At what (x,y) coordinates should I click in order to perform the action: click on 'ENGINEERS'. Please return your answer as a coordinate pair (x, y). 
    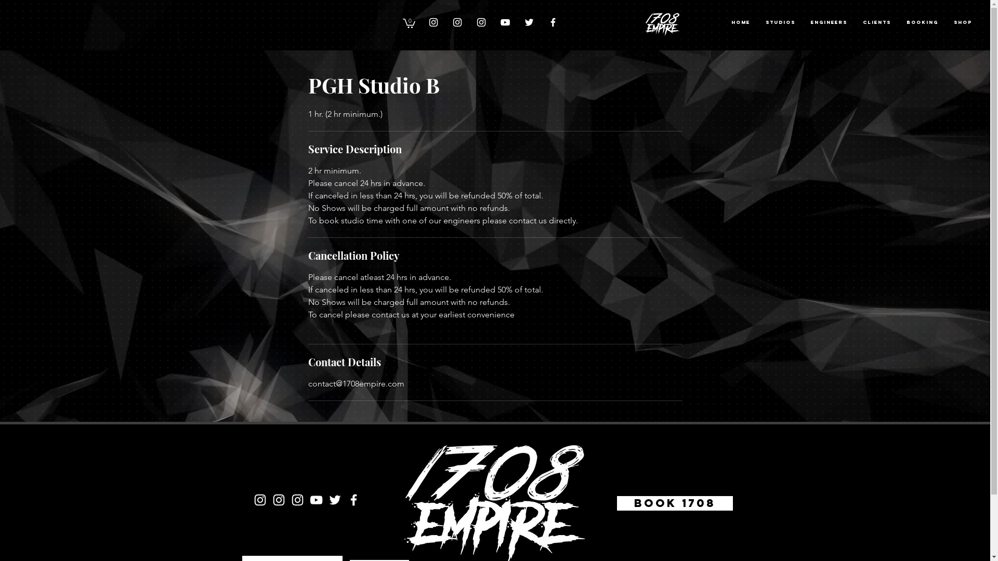
    Looking at the image, I should click on (828, 22).